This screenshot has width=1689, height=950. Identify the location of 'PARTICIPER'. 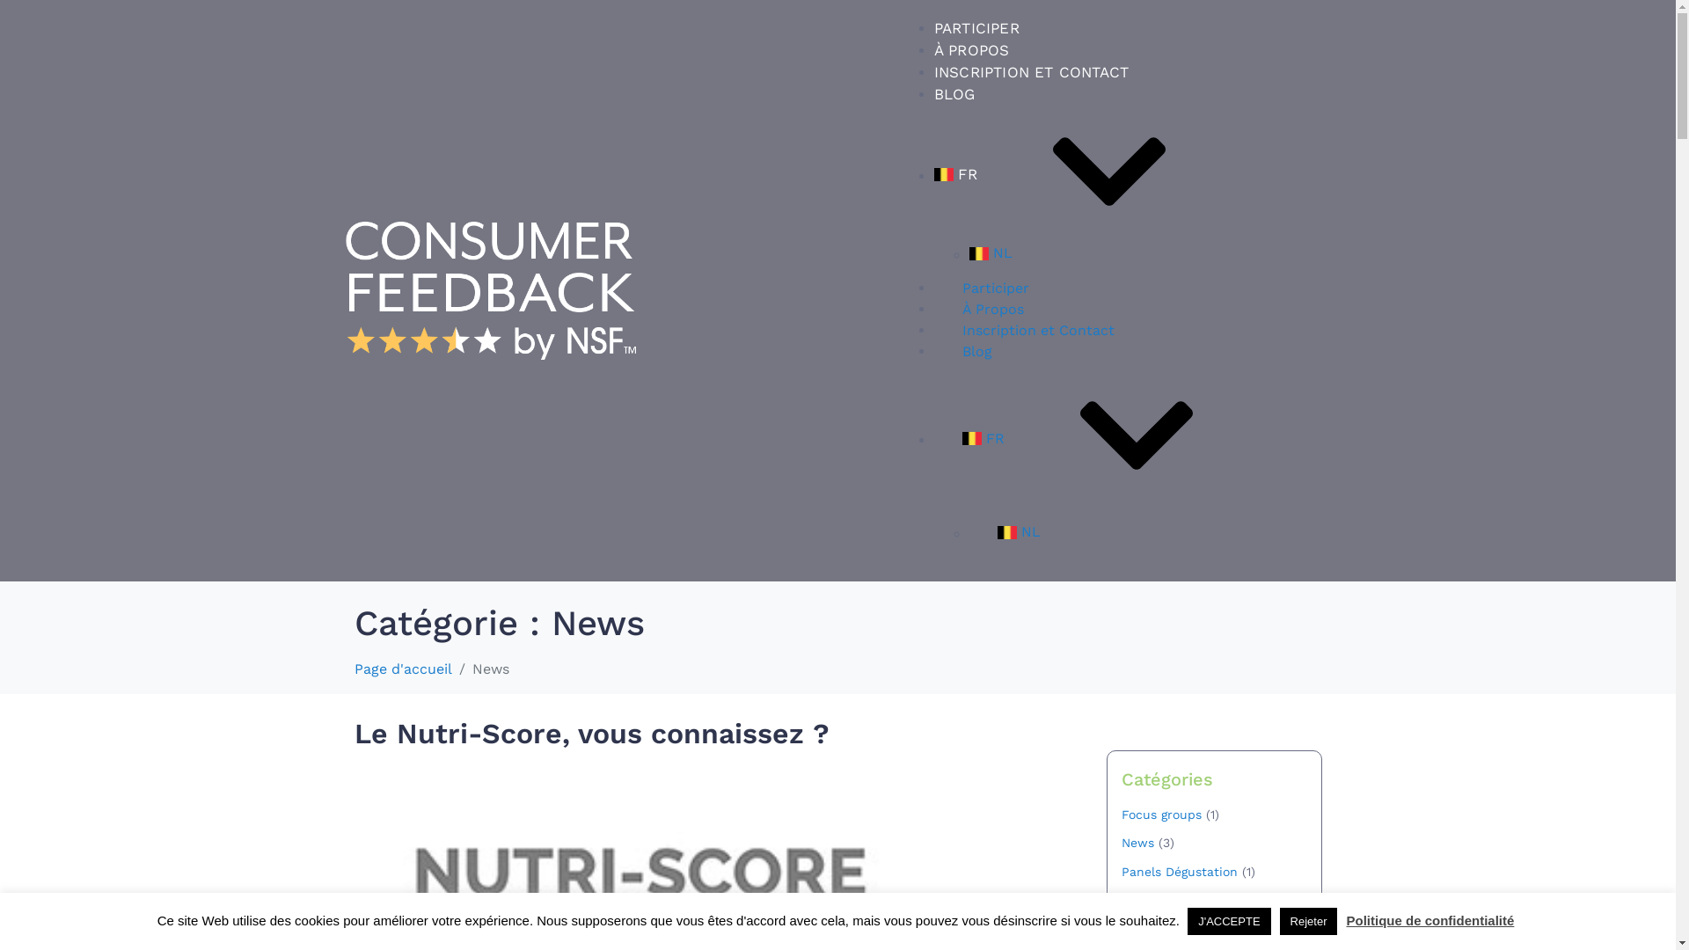
(976, 27).